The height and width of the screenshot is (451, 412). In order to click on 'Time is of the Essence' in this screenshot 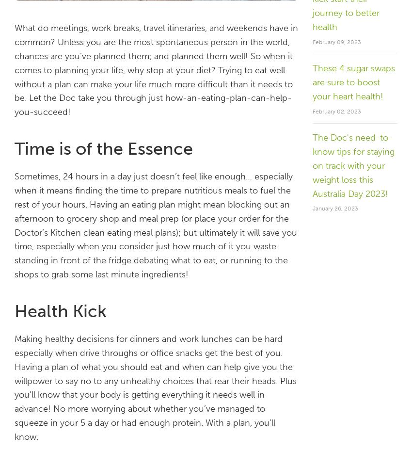, I will do `click(14, 148)`.